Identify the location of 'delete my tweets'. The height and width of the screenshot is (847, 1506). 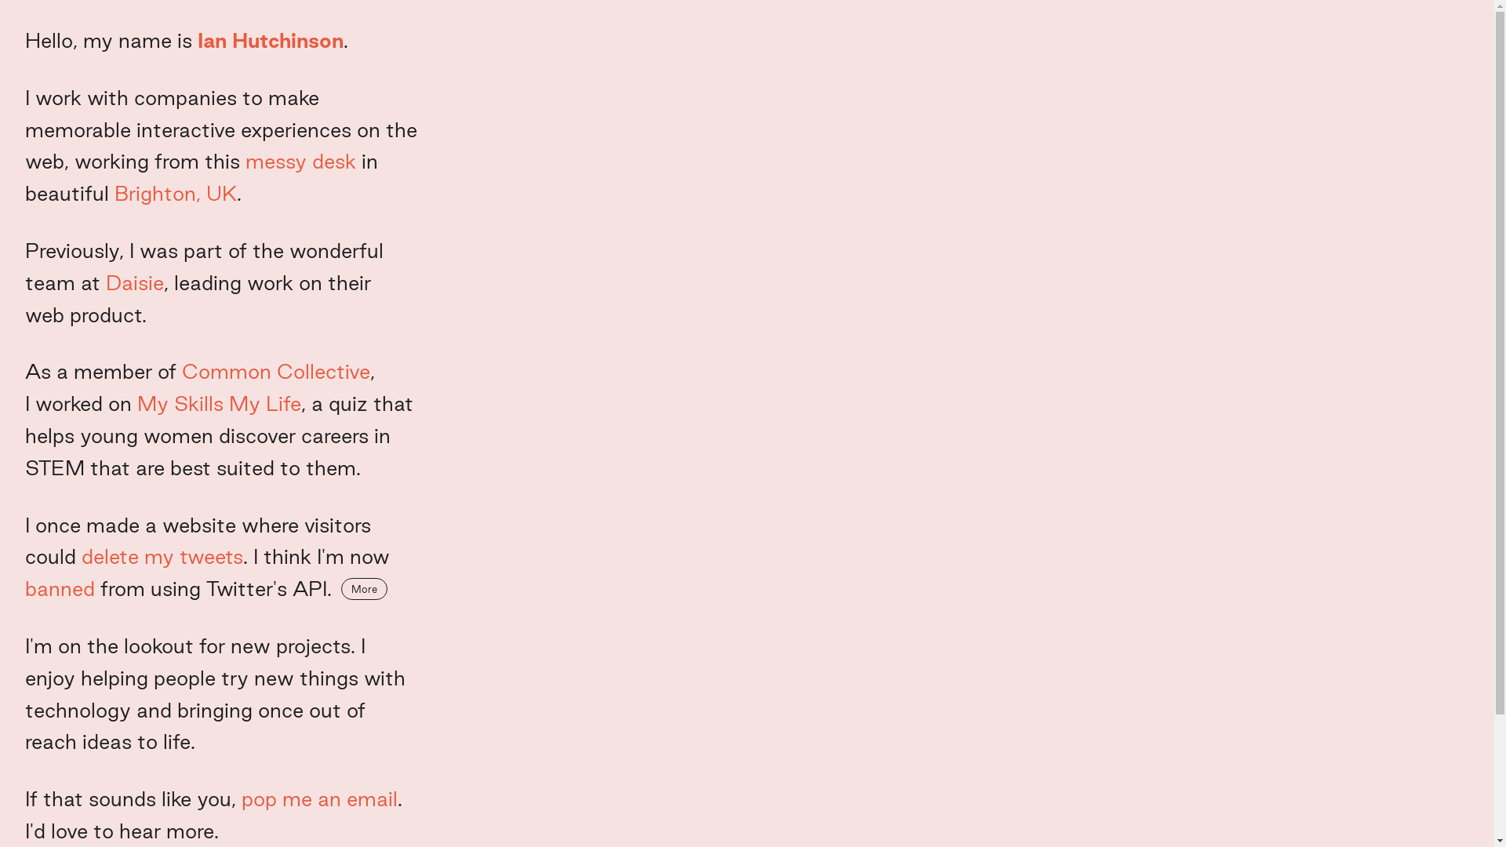
(81, 556).